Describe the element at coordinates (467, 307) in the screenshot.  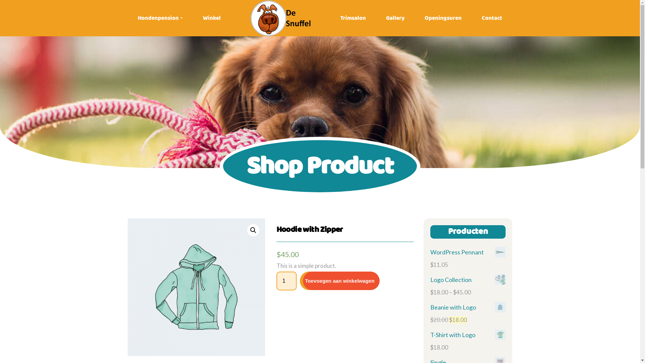
I see `'Beanie with Logo'` at that location.